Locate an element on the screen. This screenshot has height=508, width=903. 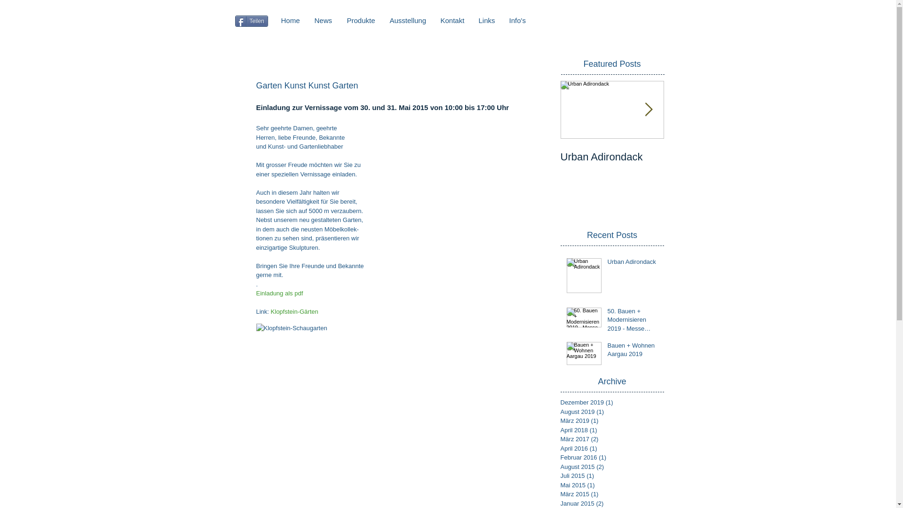
'Backyard-Stuff bei Stigamo' is located at coordinates (715, 163).